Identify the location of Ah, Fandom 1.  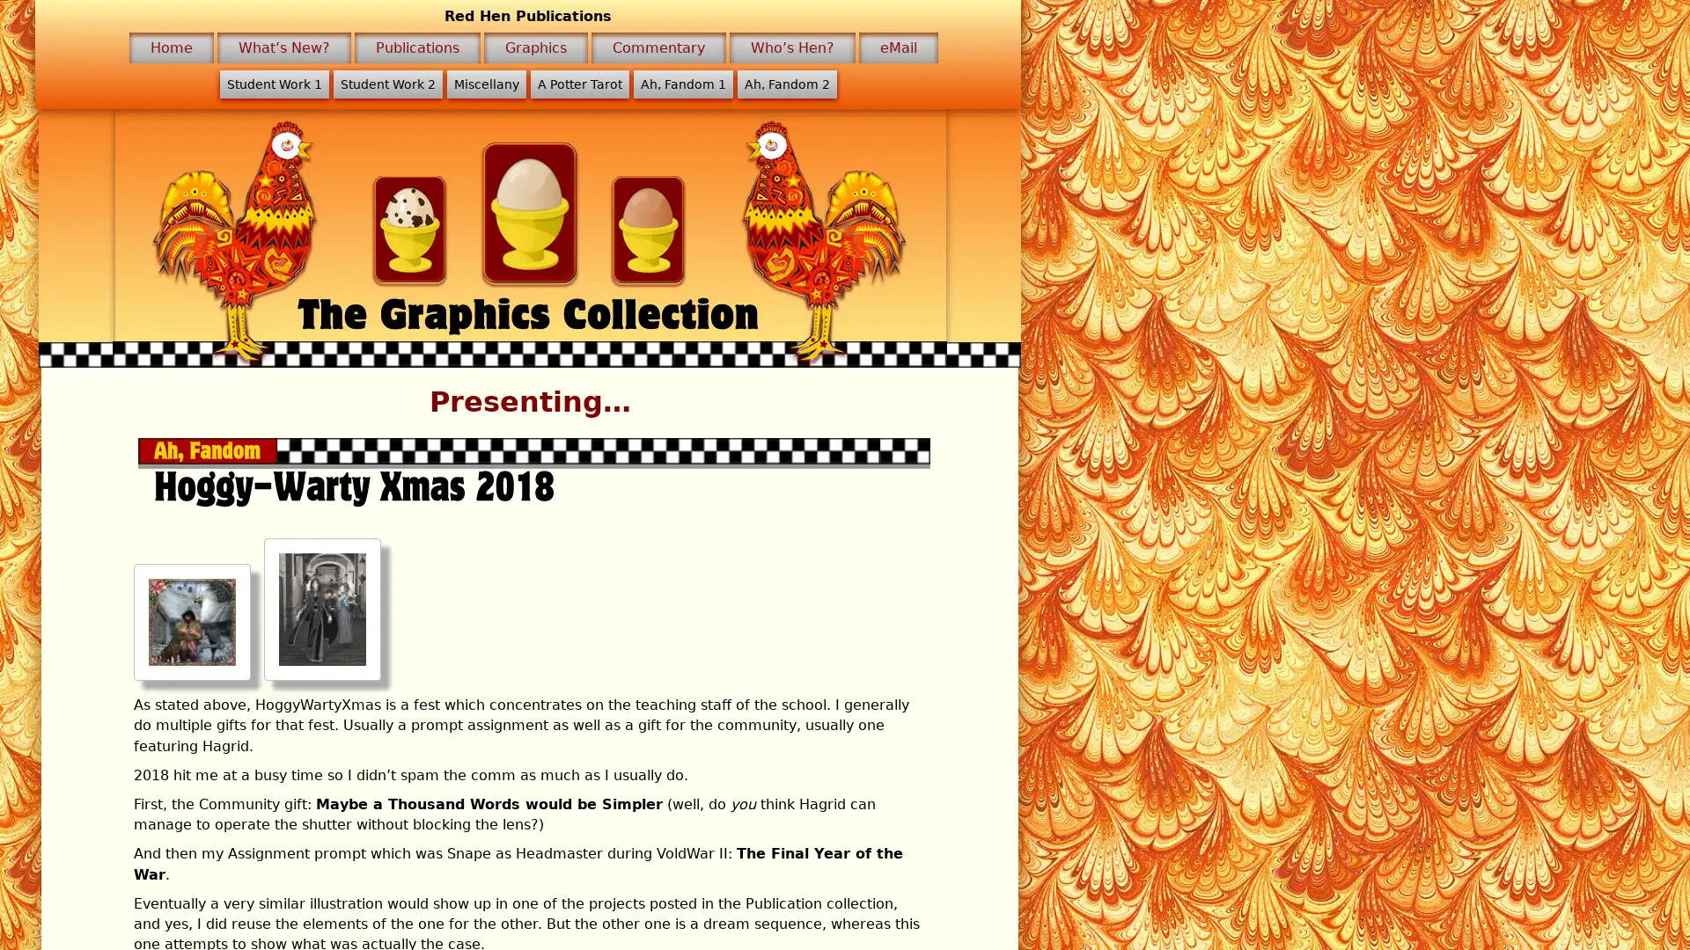
(681, 84).